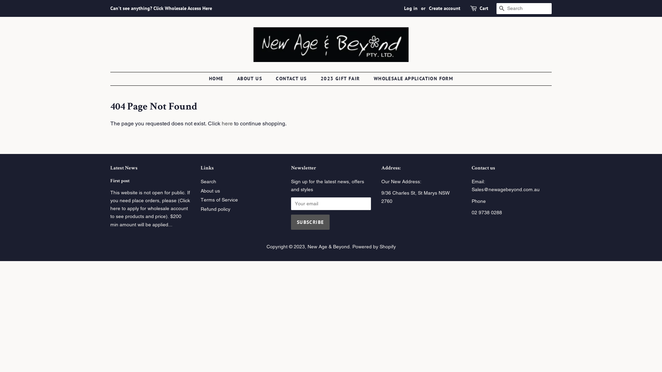 This screenshot has width=662, height=372. What do you see at coordinates (310, 222) in the screenshot?
I see `'Subscribe'` at bounding box center [310, 222].